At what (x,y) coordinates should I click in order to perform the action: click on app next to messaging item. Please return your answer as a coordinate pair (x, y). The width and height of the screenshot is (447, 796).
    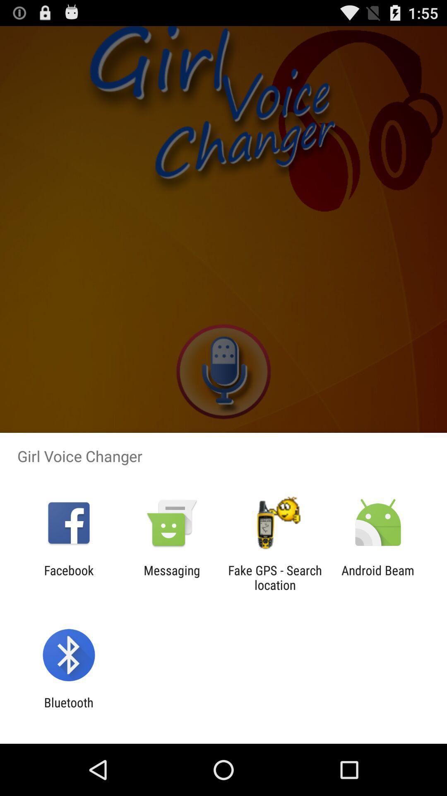
    Looking at the image, I should click on (275, 577).